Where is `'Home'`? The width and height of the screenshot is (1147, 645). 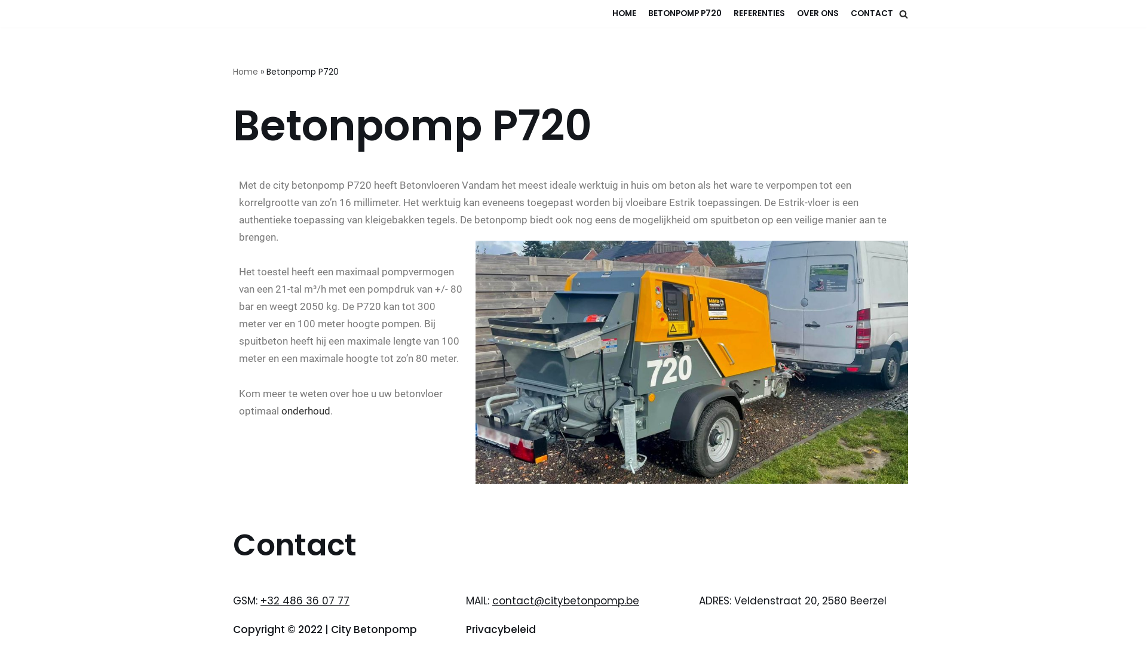 'Home' is located at coordinates (245, 71).